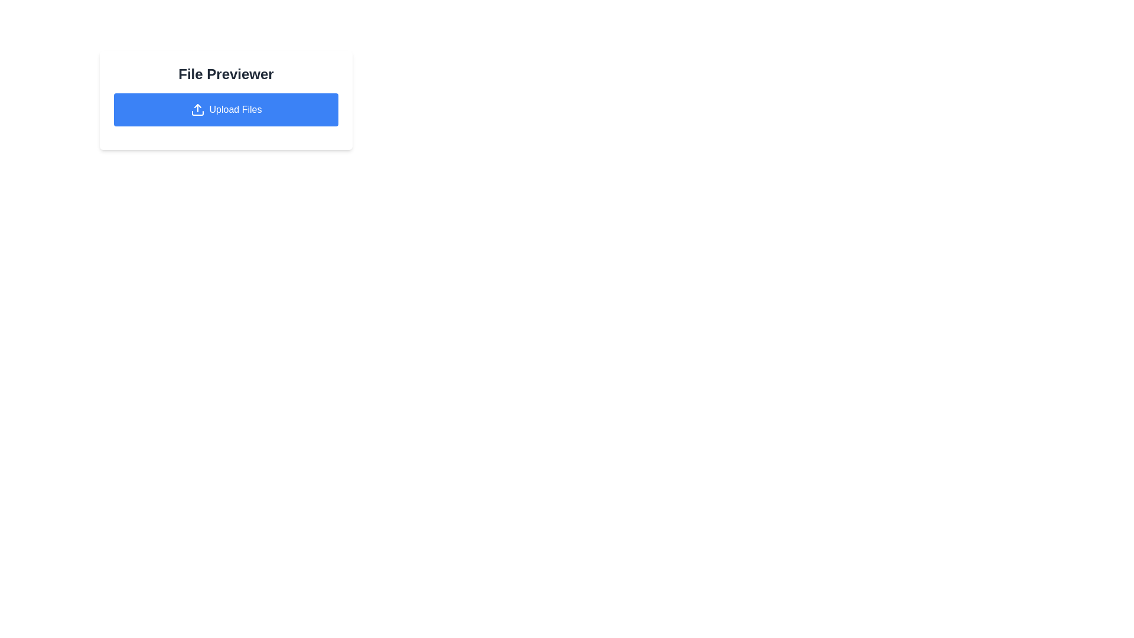 This screenshot has height=638, width=1134. Describe the element at coordinates (226, 114) in the screenshot. I see `the blue button labeled 'Upload Files' with an upload arrow icon` at that location.